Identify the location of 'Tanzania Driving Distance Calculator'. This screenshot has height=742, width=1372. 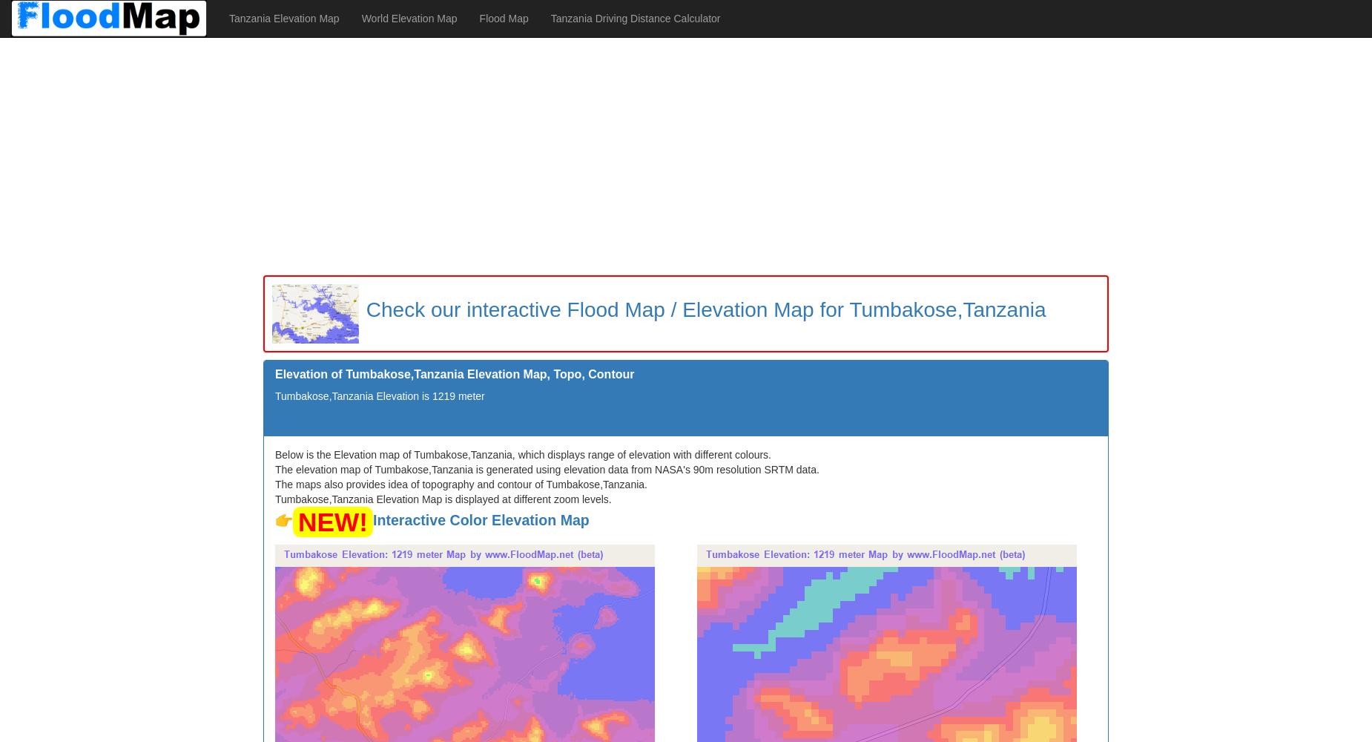
(635, 19).